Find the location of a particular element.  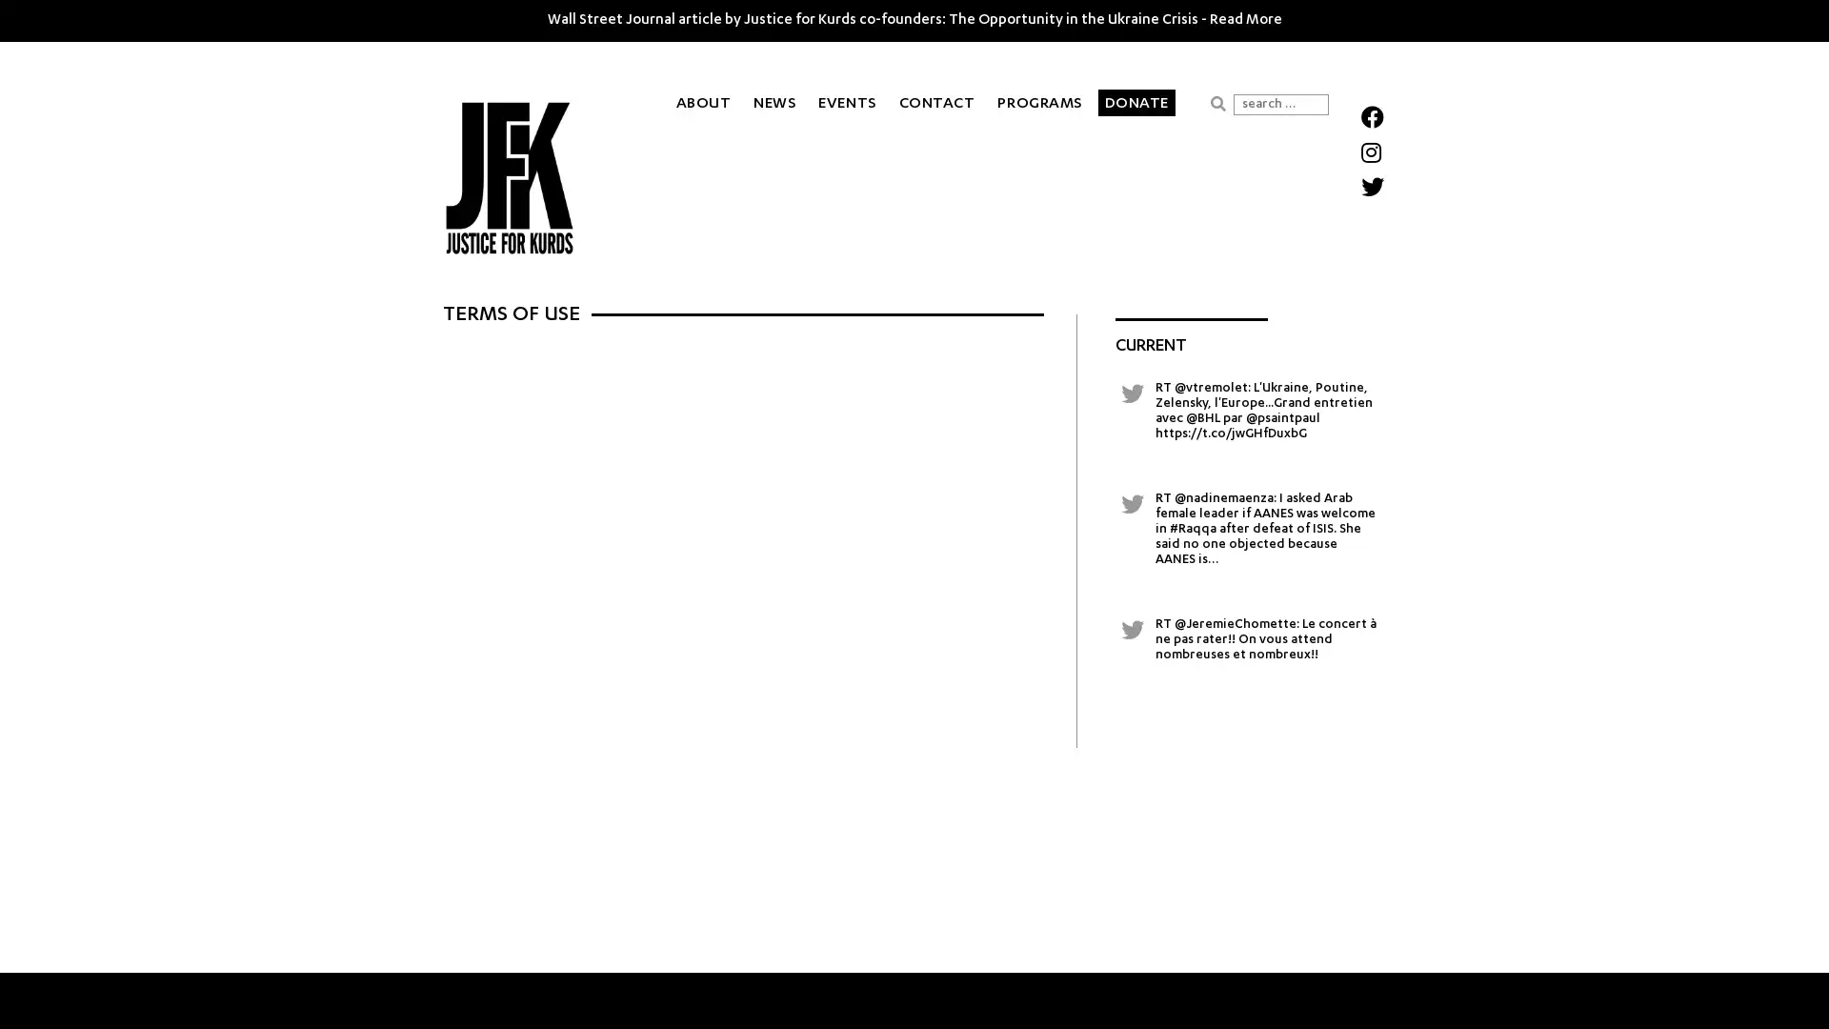

Search is located at coordinates (1216, 103).